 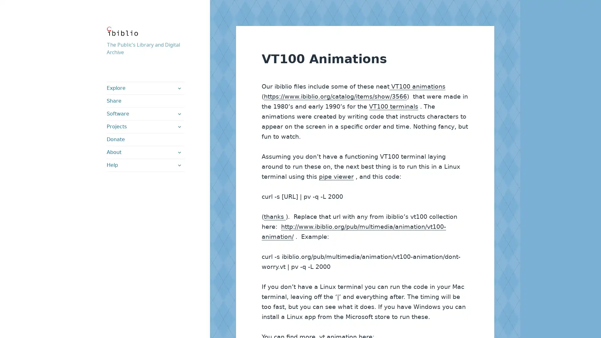 What do you see at coordinates (178, 165) in the screenshot?
I see `expand child menu` at bounding box center [178, 165].